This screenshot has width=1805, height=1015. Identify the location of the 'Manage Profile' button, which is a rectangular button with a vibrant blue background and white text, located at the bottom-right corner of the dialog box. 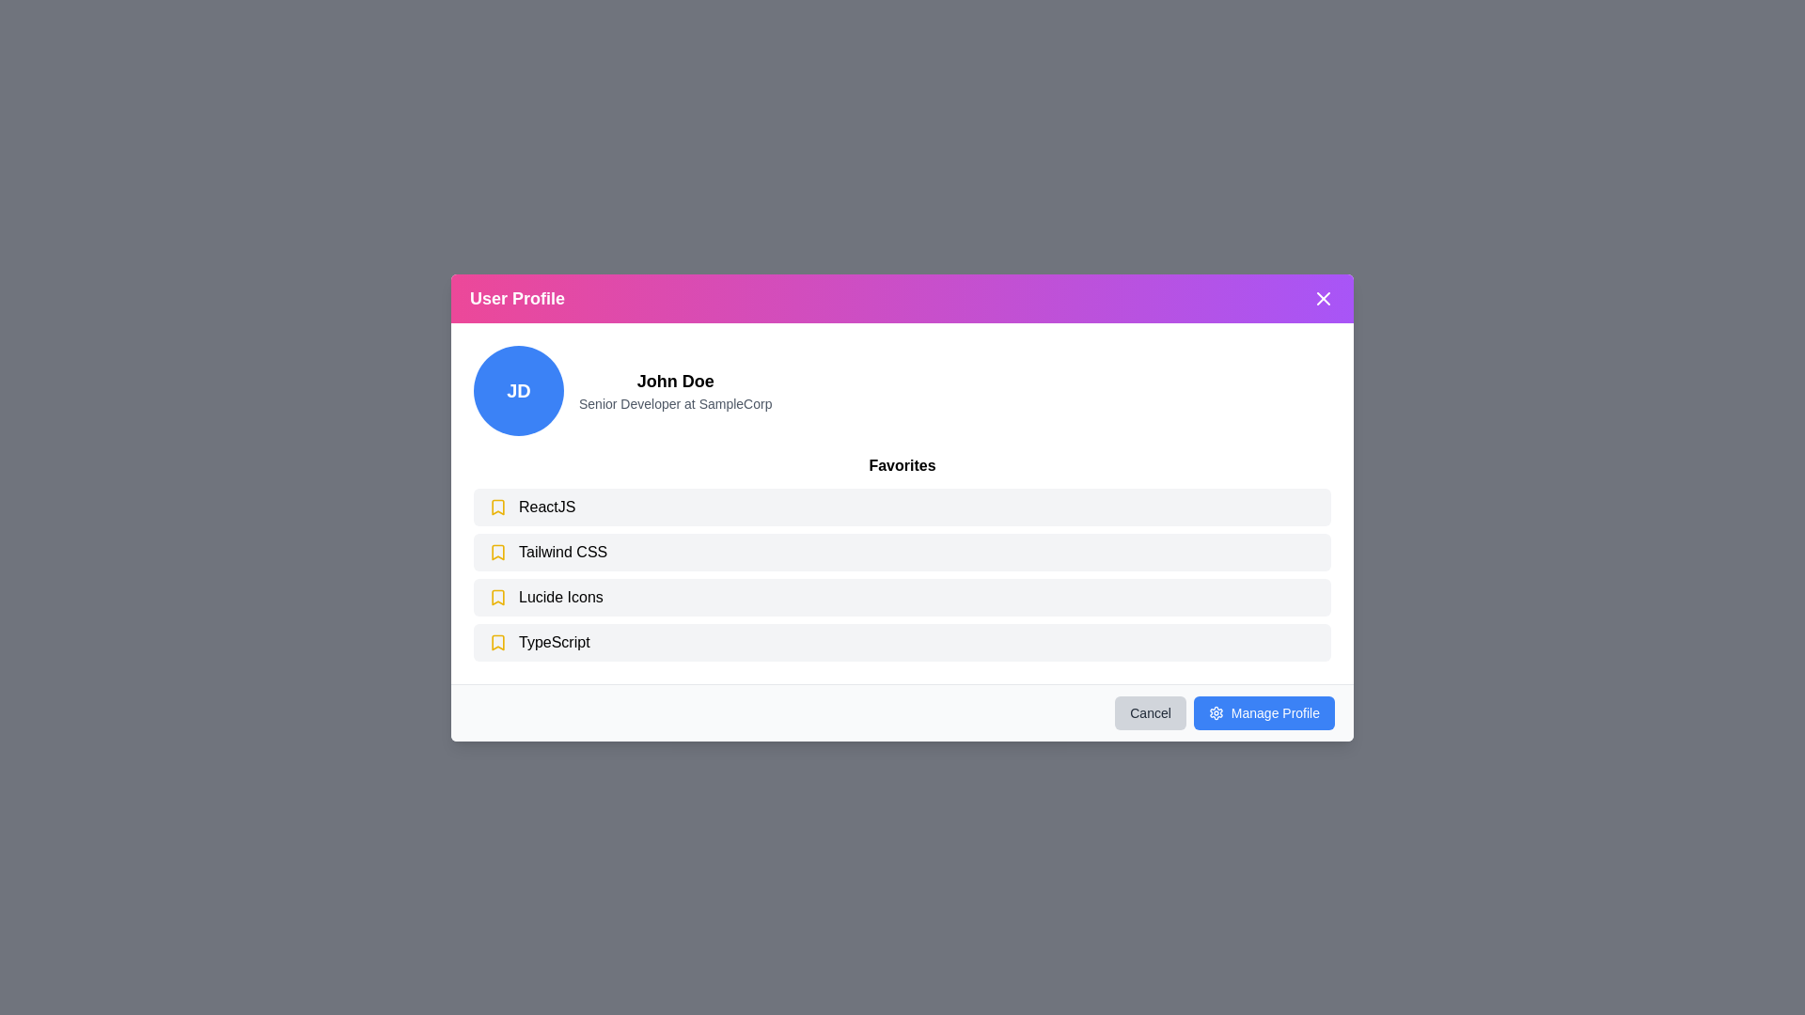
(1263, 712).